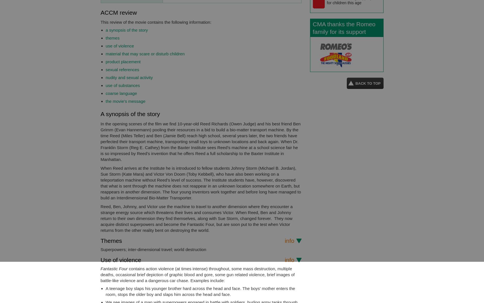 The width and height of the screenshot is (484, 303). What do you see at coordinates (100, 141) in the screenshot?
I see `'In the opening scenes of the film we find 10-year-old Reed Richards (Owen Judge) and his best friend Ben Grimm (Evan Hannemann) pooling their resources in a bid to build a bio-matter transport machine. By the time Reed (Miles Teller) and Ben (Jamie Bell) reach high school, several years later, the two friends have perfected their transport machine, transporting small toys to unknown locations and back again. When Dr. Franklin Storm (Reg E. Cathey) from the Baxter Institute sees Reed’s machine at a school science fair he is so impressed by Reed’s invention that he offers Reed a full scholarship to the Baxter Institute in Manhattan.'` at bounding box center [100, 141].